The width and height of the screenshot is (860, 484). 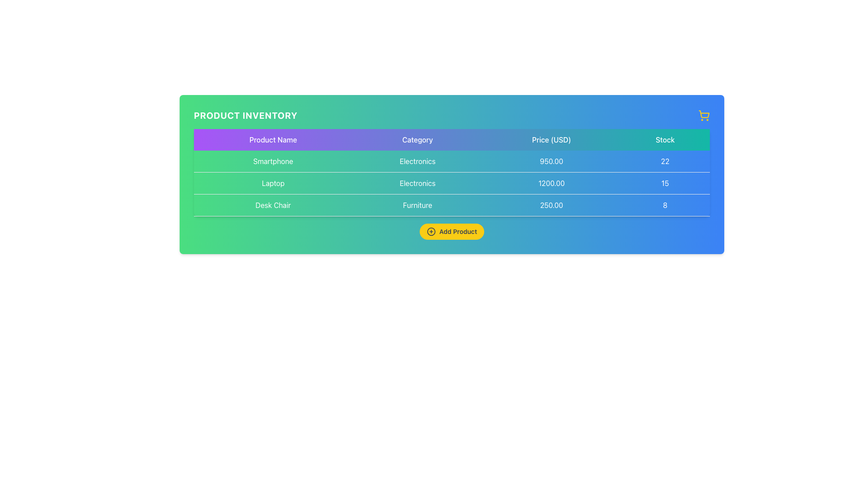 What do you see at coordinates (458, 231) in the screenshot?
I see `the 'Add Product' text label which is inside a rounded button at the bottom center of the 'Product Inventory' section` at bounding box center [458, 231].